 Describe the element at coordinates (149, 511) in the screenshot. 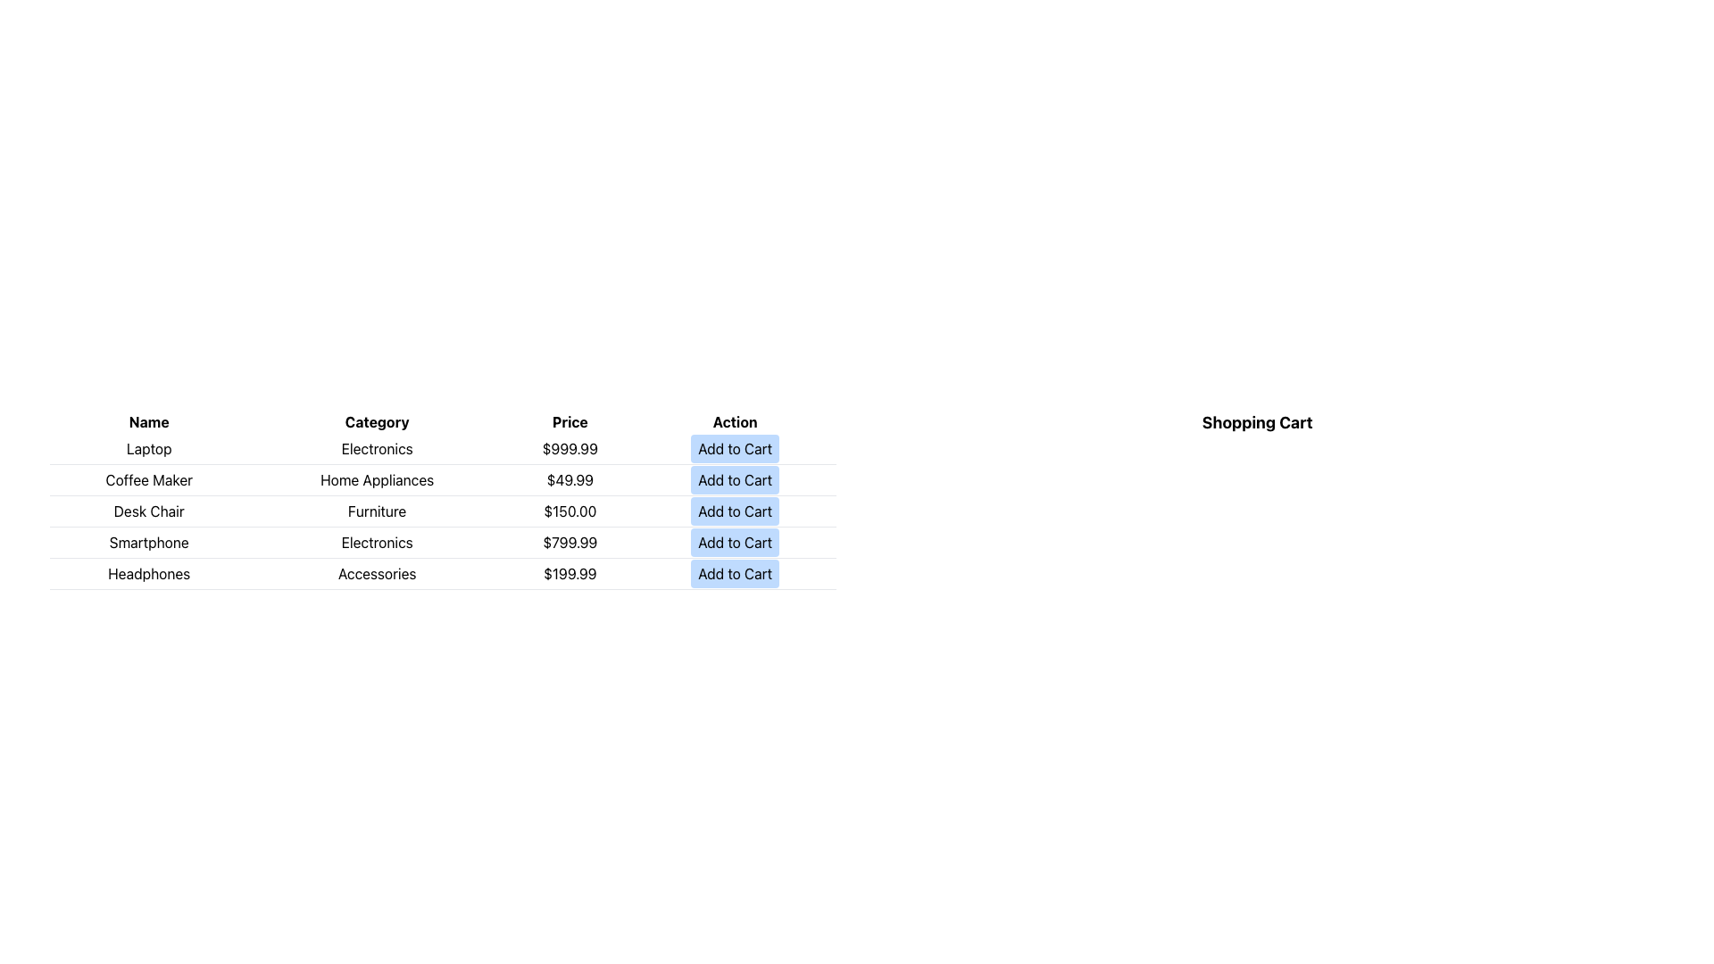

I see `on the 'Desk Chair' text label located in the third row of the 'Name' column in the grid layout` at that location.